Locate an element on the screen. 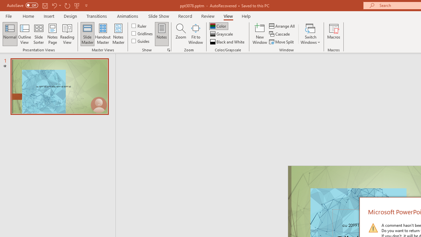 This screenshot has width=421, height=237. 'Insert' is located at coordinates (49, 16).